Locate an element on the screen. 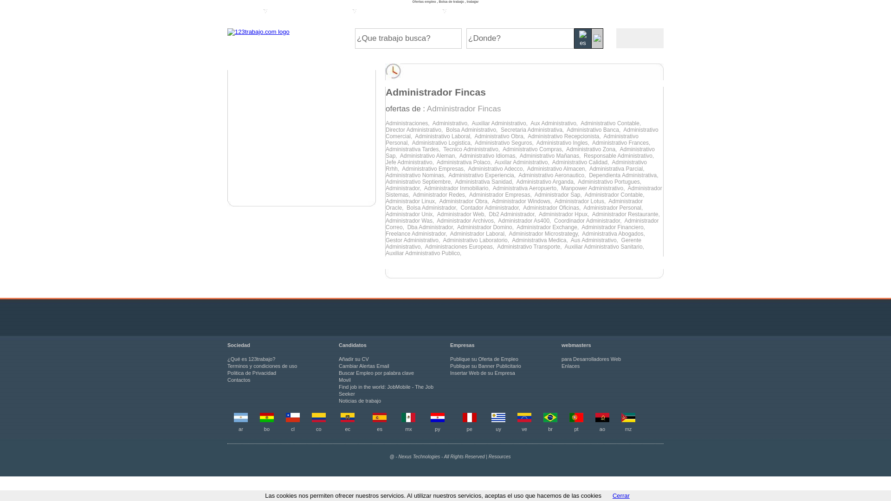  'Administrador Oficinas, ' is located at coordinates (553, 207).